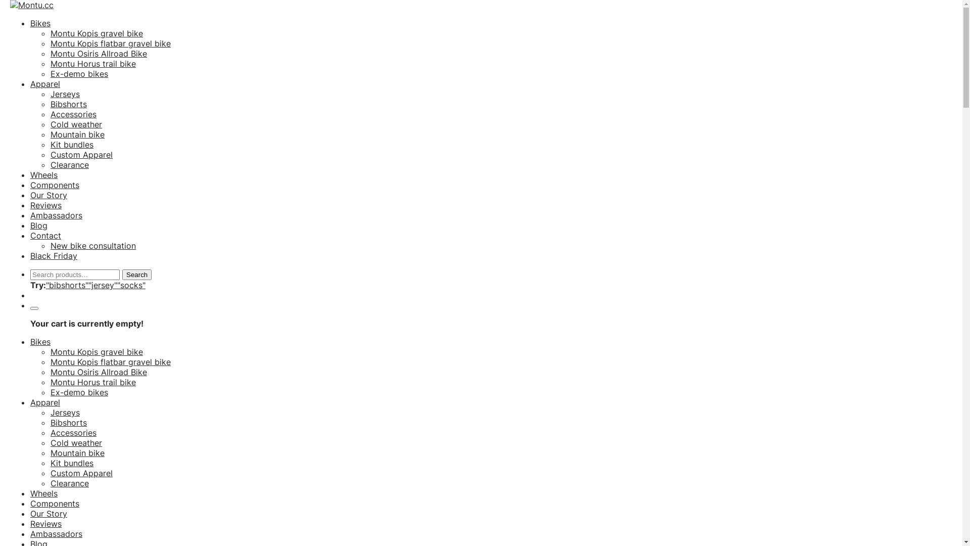 This screenshot has height=546, width=970. Describe the element at coordinates (111, 42) in the screenshot. I see `'Montu Kopis flatbar gravel bike'` at that location.